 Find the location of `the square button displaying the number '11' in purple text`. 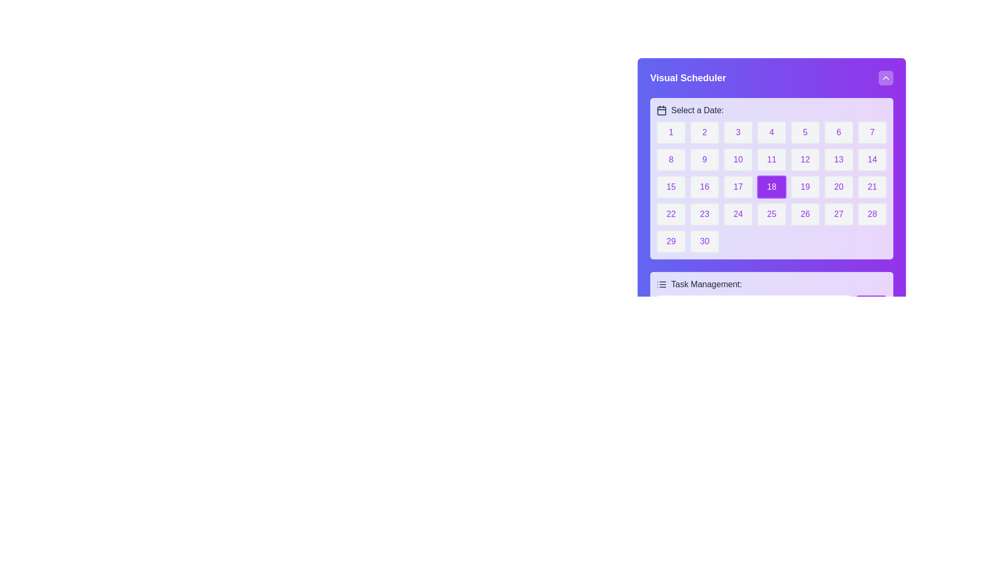

the square button displaying the number '11' in purple text is located at coordinates (772, 159).